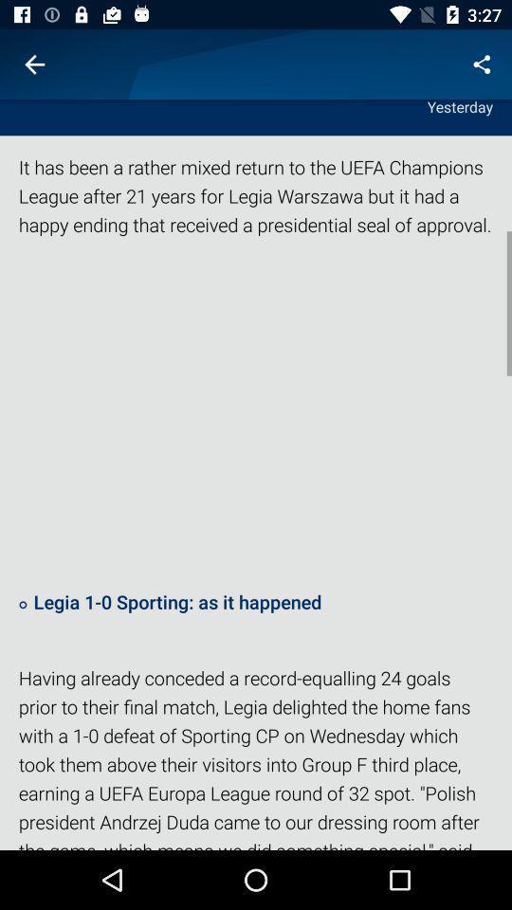 The height and width of the screenshot is (910, 512). I want to click on the item below the yesterday icon, so click(256, 204).